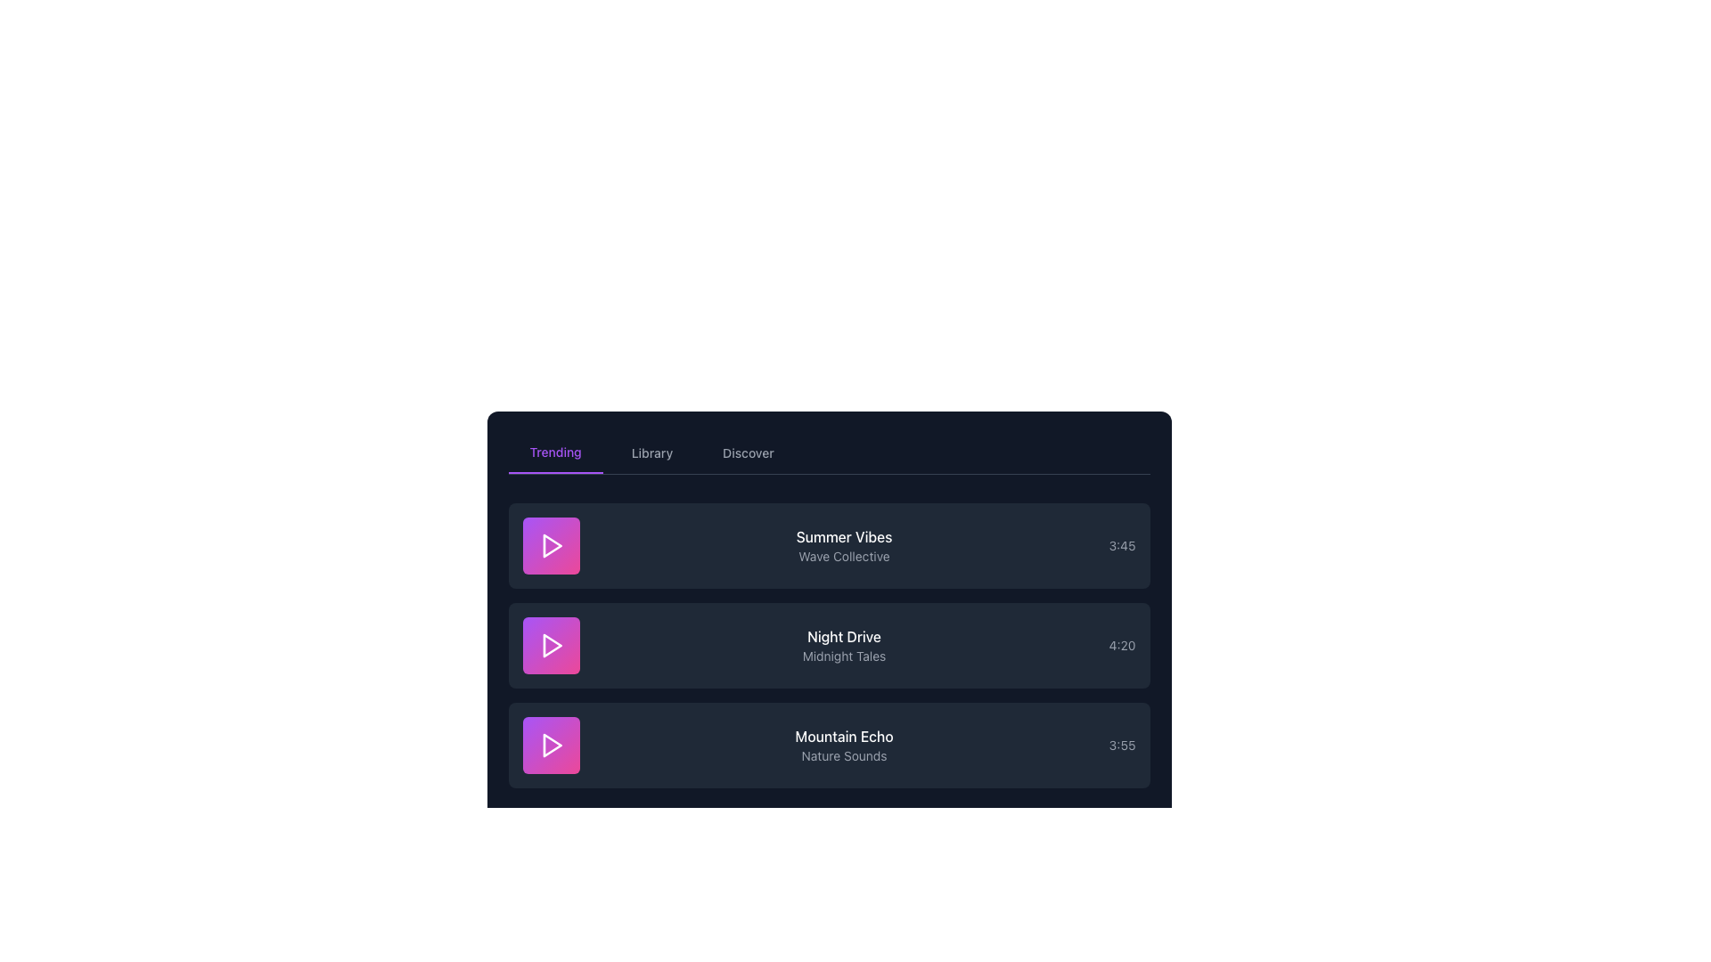 Image resolution: width=1711 pixels, height=962 pixels. What do you see at coordinates (1121, 545) in the screenshot?
I see `the static text element displaying '3:45', which is styled in a small, gray font and represents the duration of the track 'Summer Vibes'` at bounding box center [1121, 545].